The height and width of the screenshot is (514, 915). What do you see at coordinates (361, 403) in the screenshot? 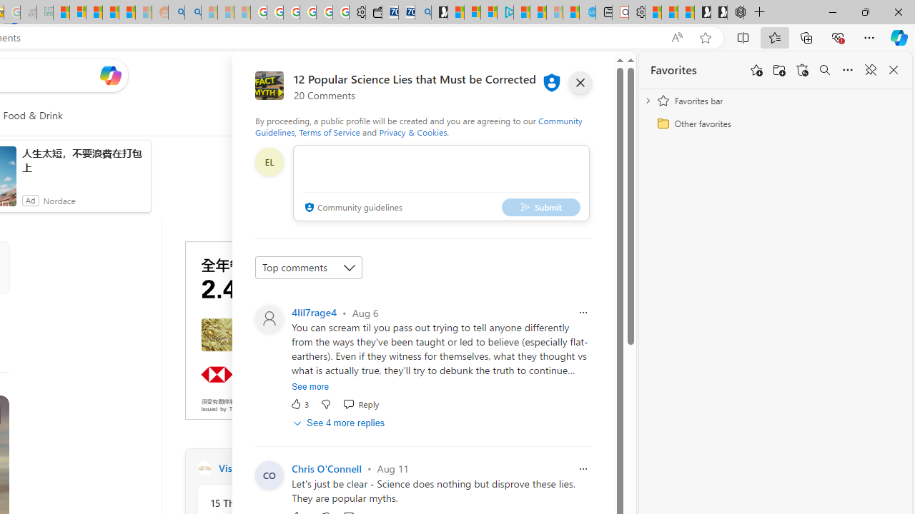
I see `'Reply Reply Comment'` at bounding box center [361, 403].